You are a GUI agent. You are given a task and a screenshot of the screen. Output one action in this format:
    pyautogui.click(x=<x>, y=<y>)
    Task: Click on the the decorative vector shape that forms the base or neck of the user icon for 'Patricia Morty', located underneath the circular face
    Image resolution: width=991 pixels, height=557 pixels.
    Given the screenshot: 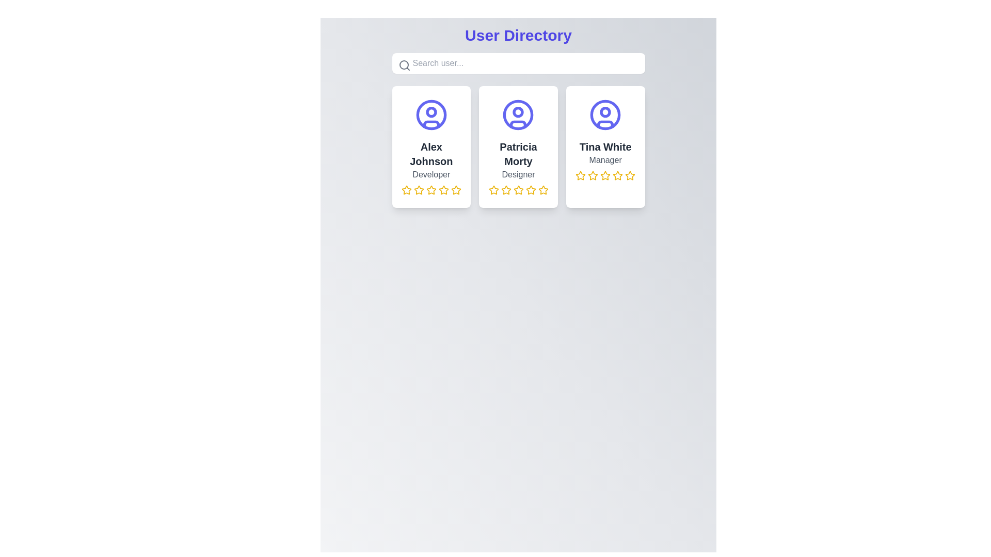 What is the action you would take?
    pyautogui.click(x=518, y=124)
    